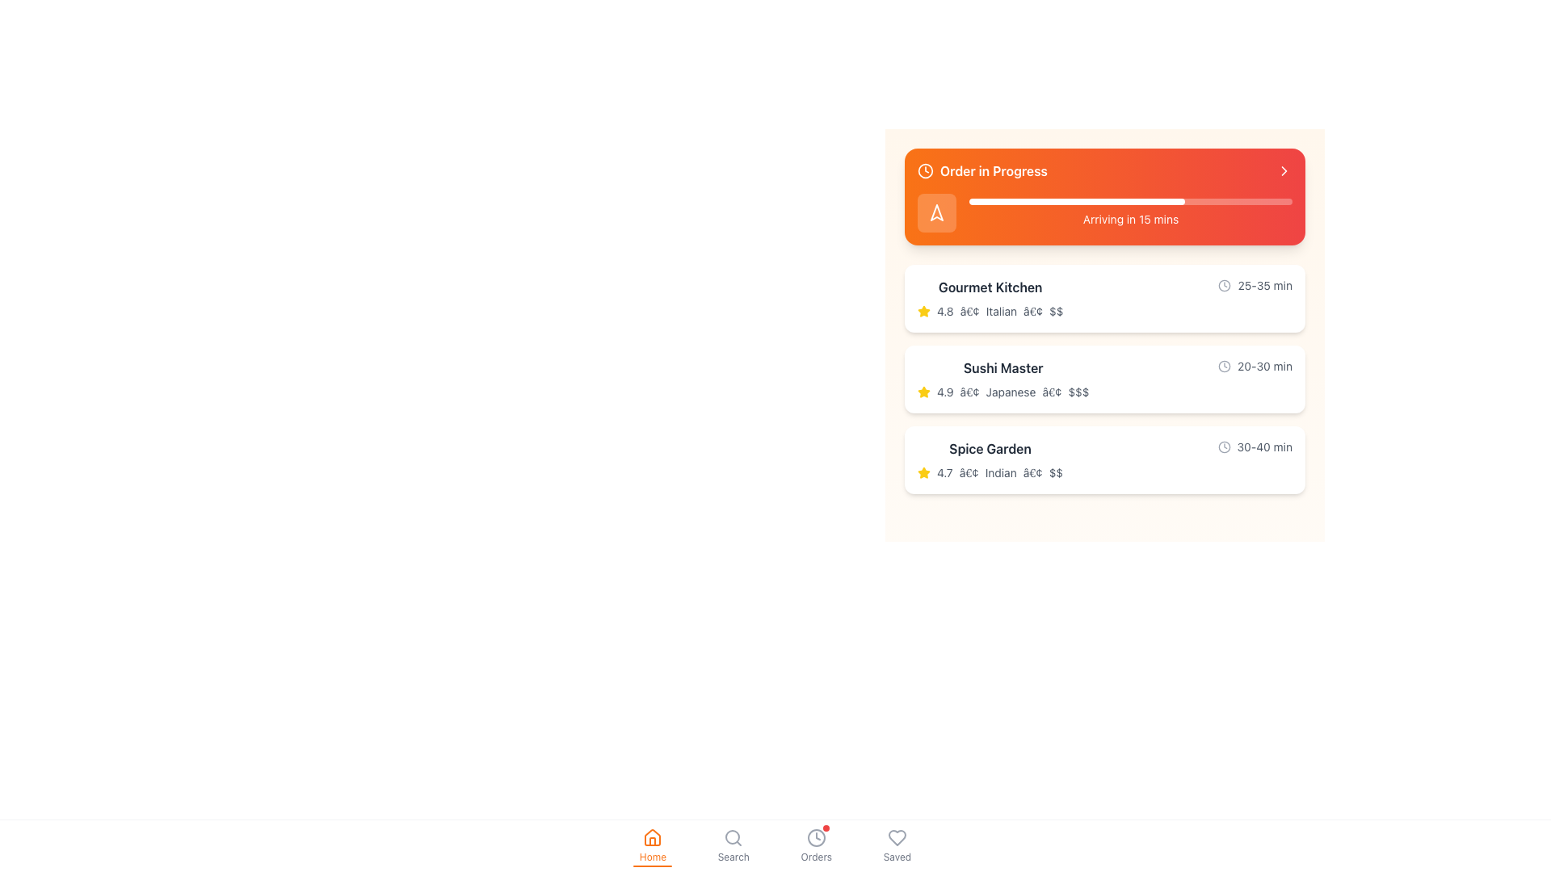  What do you see at coordinates (926, 171) in the screenshot?
I see `the time-related icon located at the beginning of the 'Order in Progress' section in the orange bar at the top of the card interface` at bounding box center [926, 171].